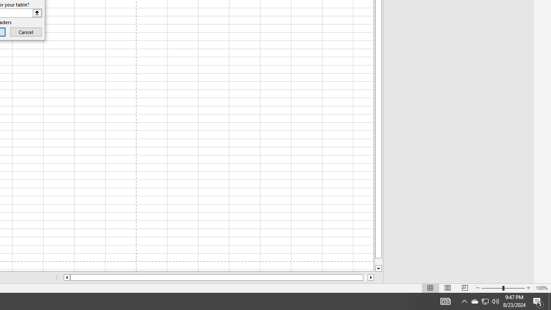 The height and width of the screenshot is (310, 551). I want to click on 'Page Break Preview', so click(464, 288).